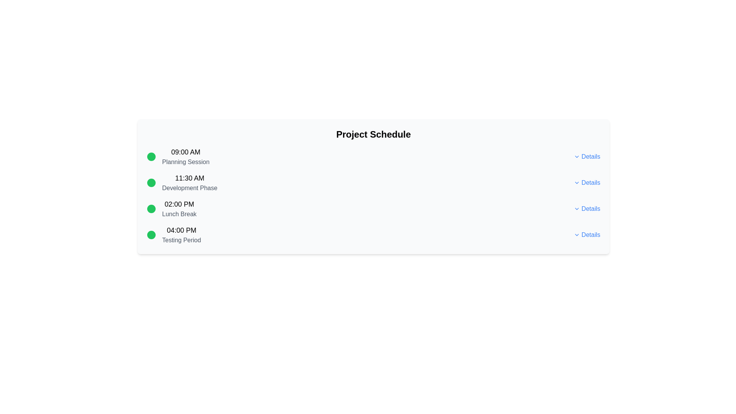  I want to click on the circular SVG element that represents '11:30 AM Development Phase', so click(151, 183).